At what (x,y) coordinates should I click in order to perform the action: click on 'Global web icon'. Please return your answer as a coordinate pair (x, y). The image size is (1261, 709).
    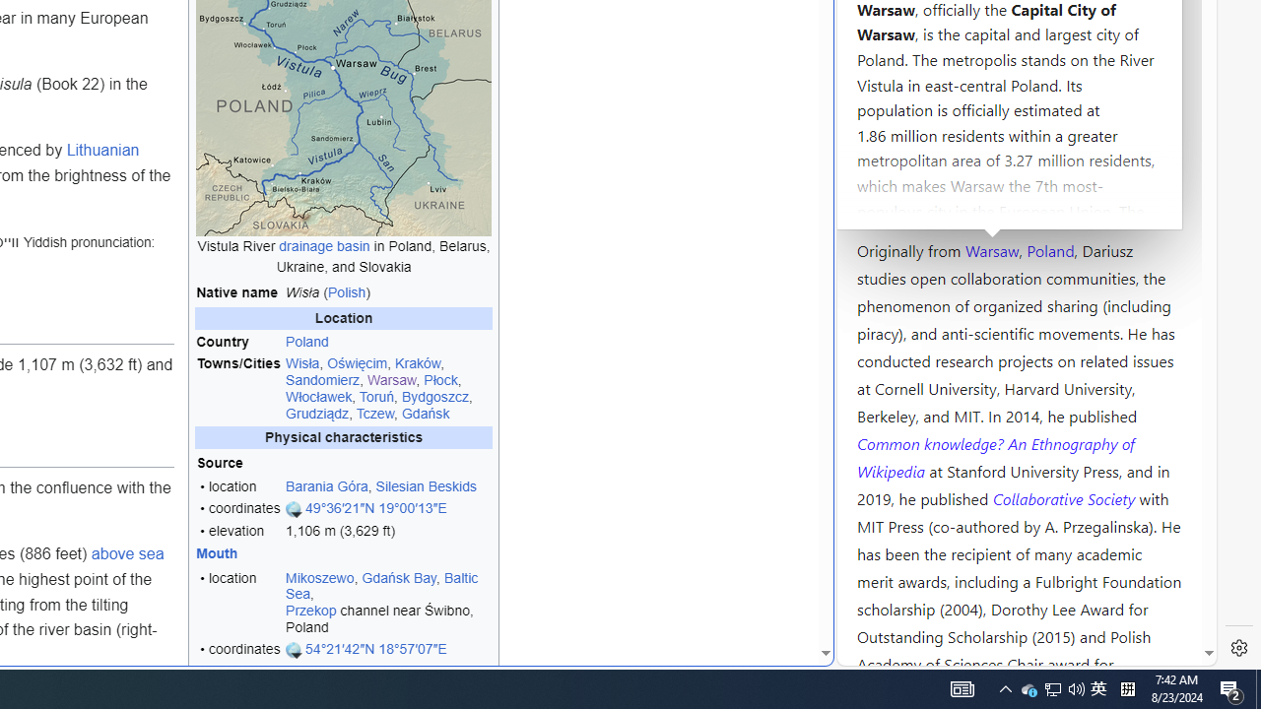
    Looking at the image, I should click on (874, 653).